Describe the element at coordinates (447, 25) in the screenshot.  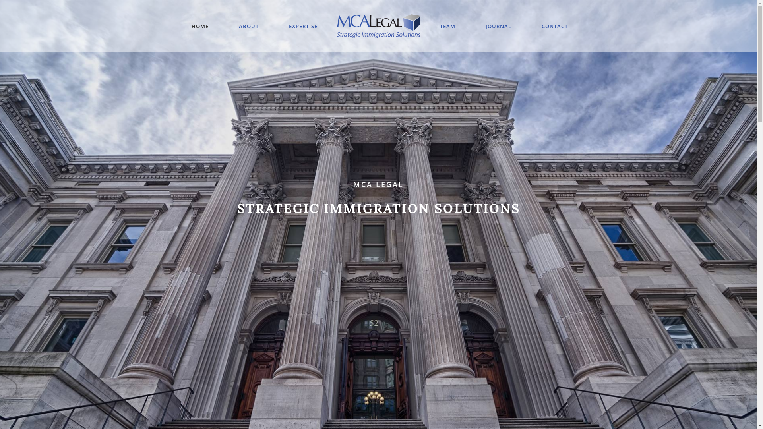
I see `'TEAM'` at that location.